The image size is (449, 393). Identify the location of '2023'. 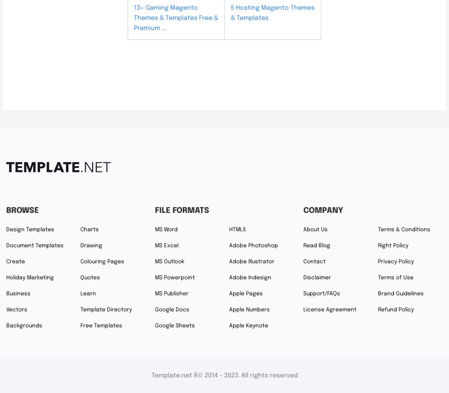
(230, 375).